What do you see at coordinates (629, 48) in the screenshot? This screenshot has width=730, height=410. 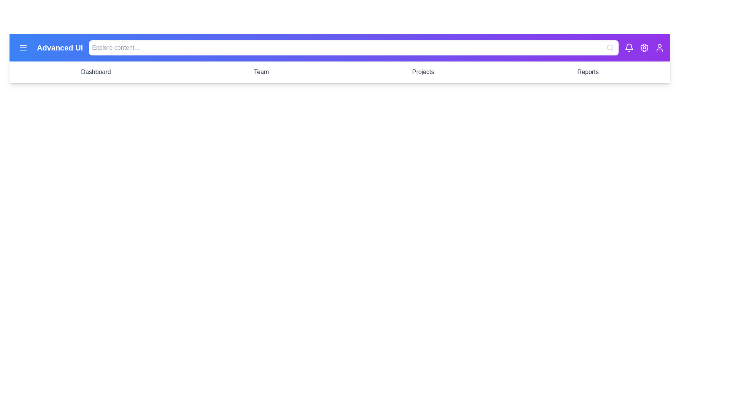 I see `the notification bell icon to view notifications` at bounding box center [629, 48].